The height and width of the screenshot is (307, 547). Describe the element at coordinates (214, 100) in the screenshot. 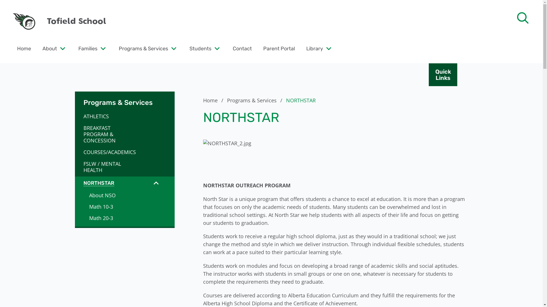

I see `'Home'` at that location.